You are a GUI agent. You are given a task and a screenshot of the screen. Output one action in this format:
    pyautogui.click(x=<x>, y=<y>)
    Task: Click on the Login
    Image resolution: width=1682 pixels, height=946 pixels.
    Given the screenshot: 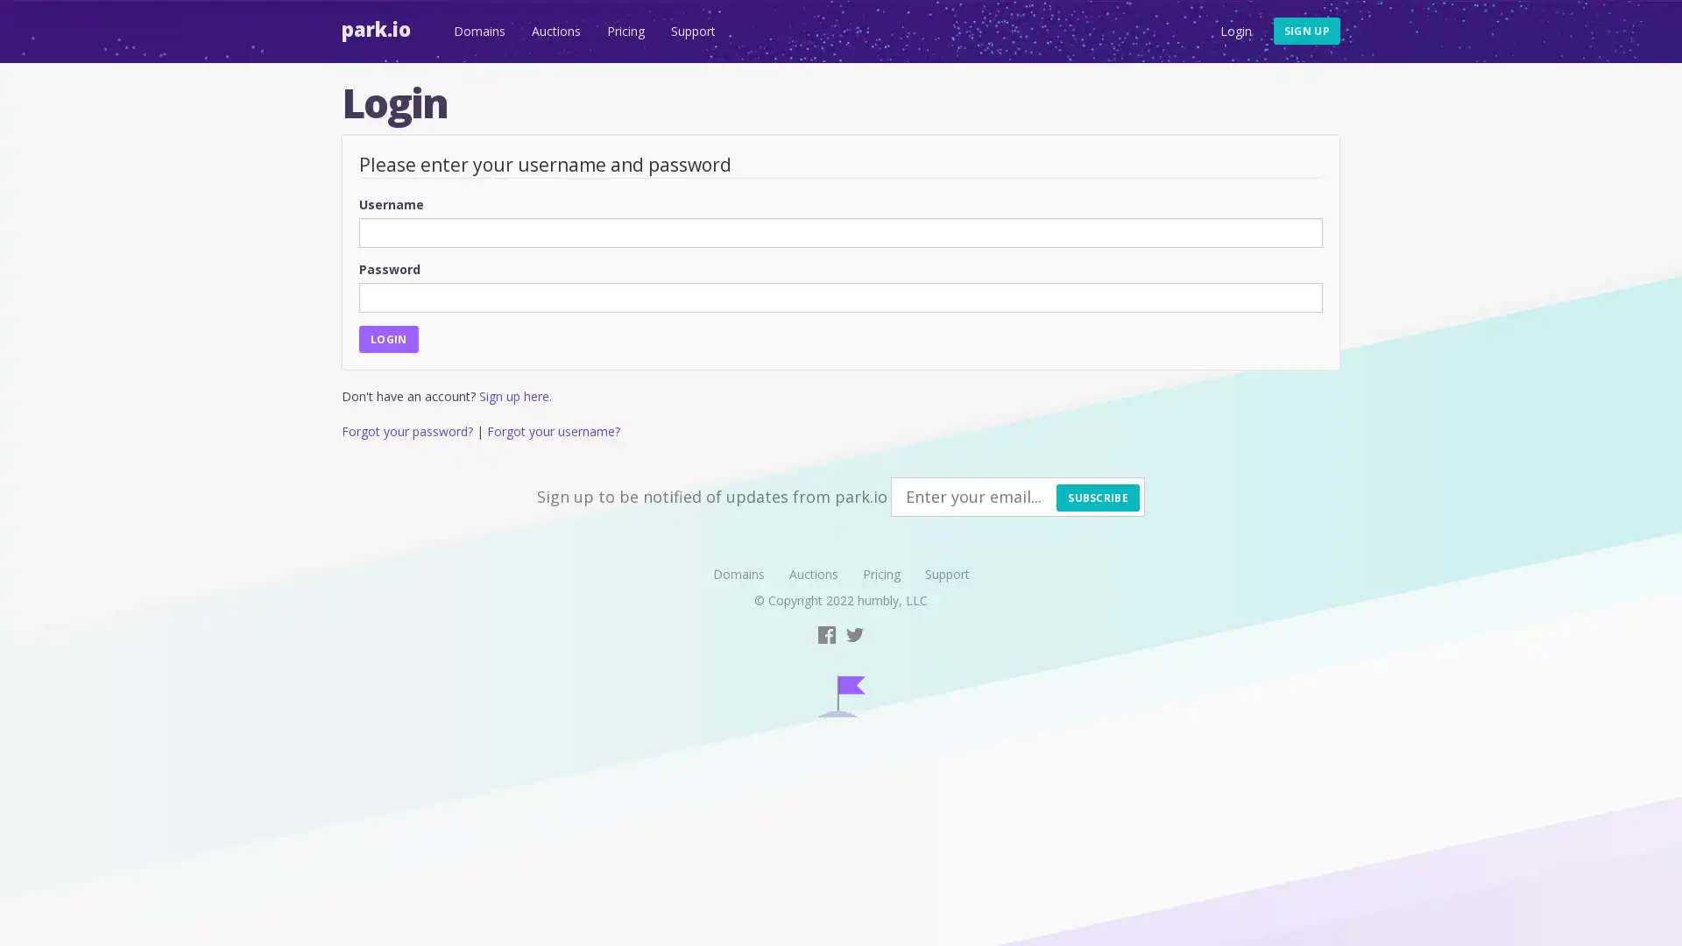 What is the action you would take?
    pyautogui.click(x=387, y=338)
    